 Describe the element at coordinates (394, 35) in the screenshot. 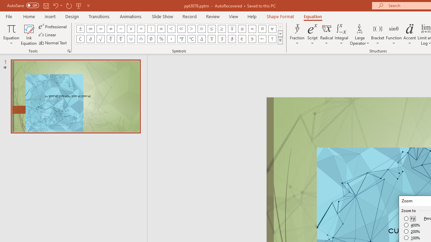

I see `'Function'` at that location.